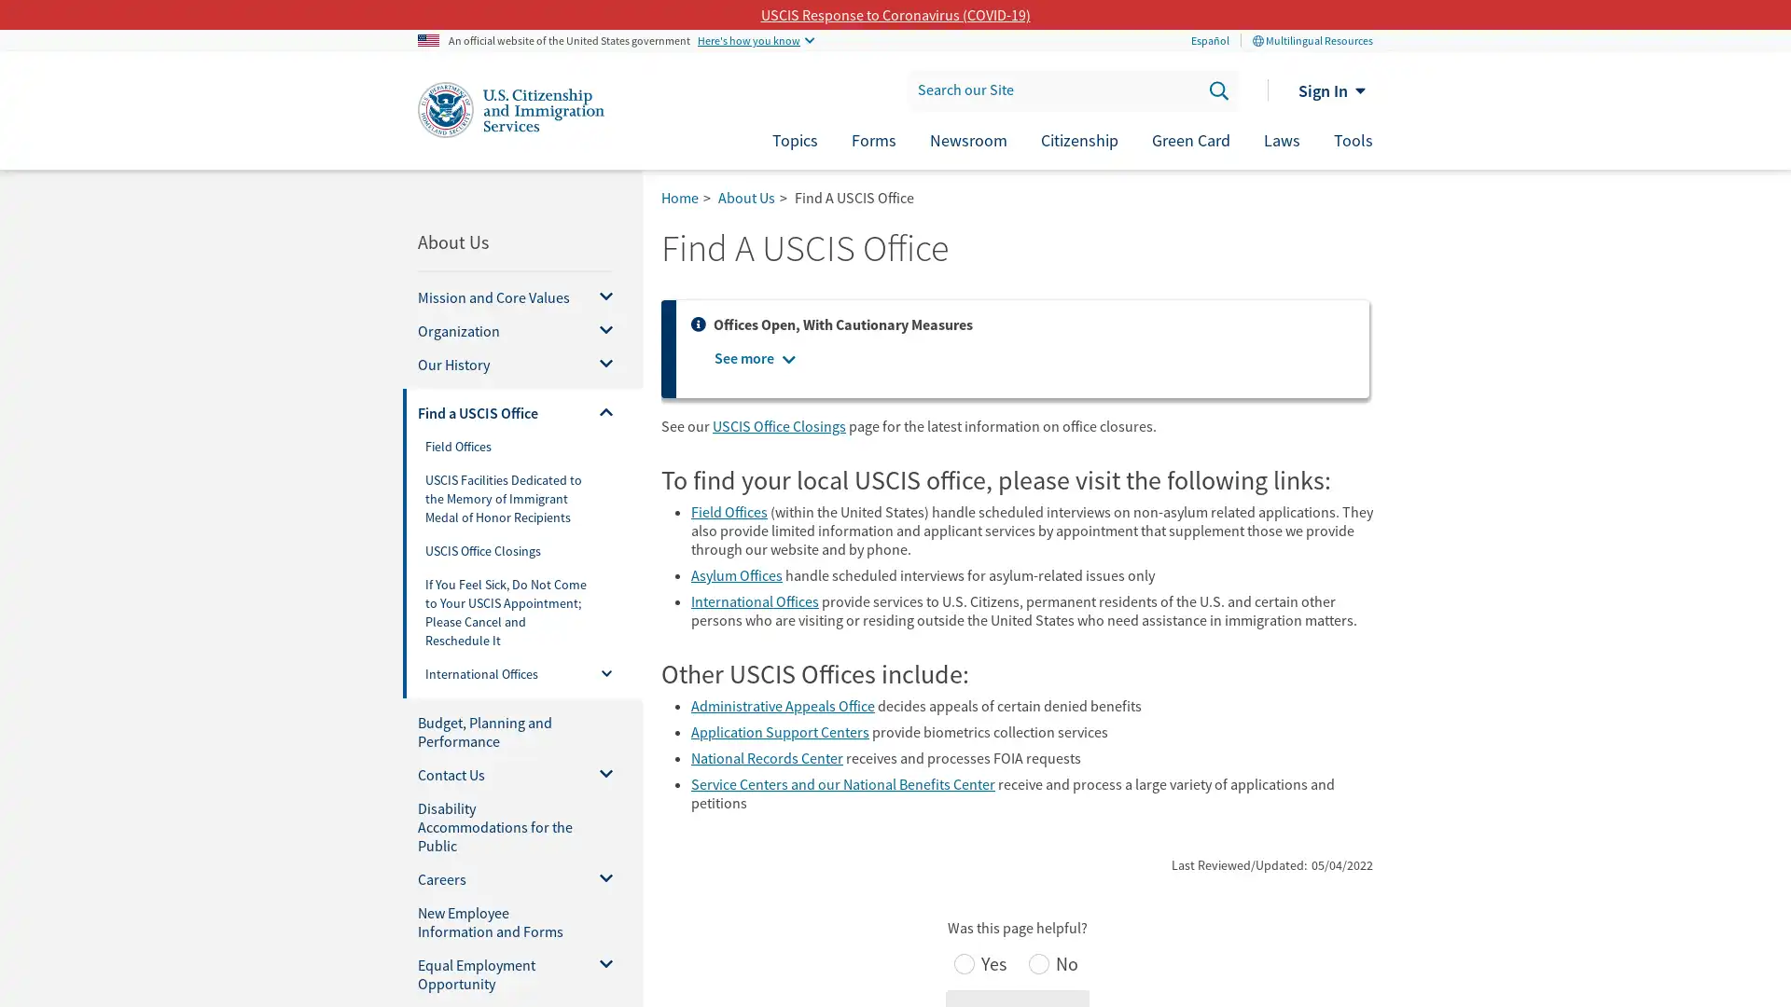 The width and height of the screenshot is (1791, 1007). I want to click on Toggle menu for Organization, so click(599, 329).